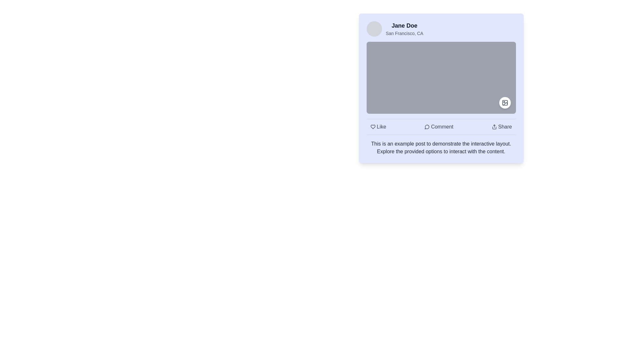  I want to click on the heart icon representing the 'like' action button located below the post in the action options area, so click(373, 127).